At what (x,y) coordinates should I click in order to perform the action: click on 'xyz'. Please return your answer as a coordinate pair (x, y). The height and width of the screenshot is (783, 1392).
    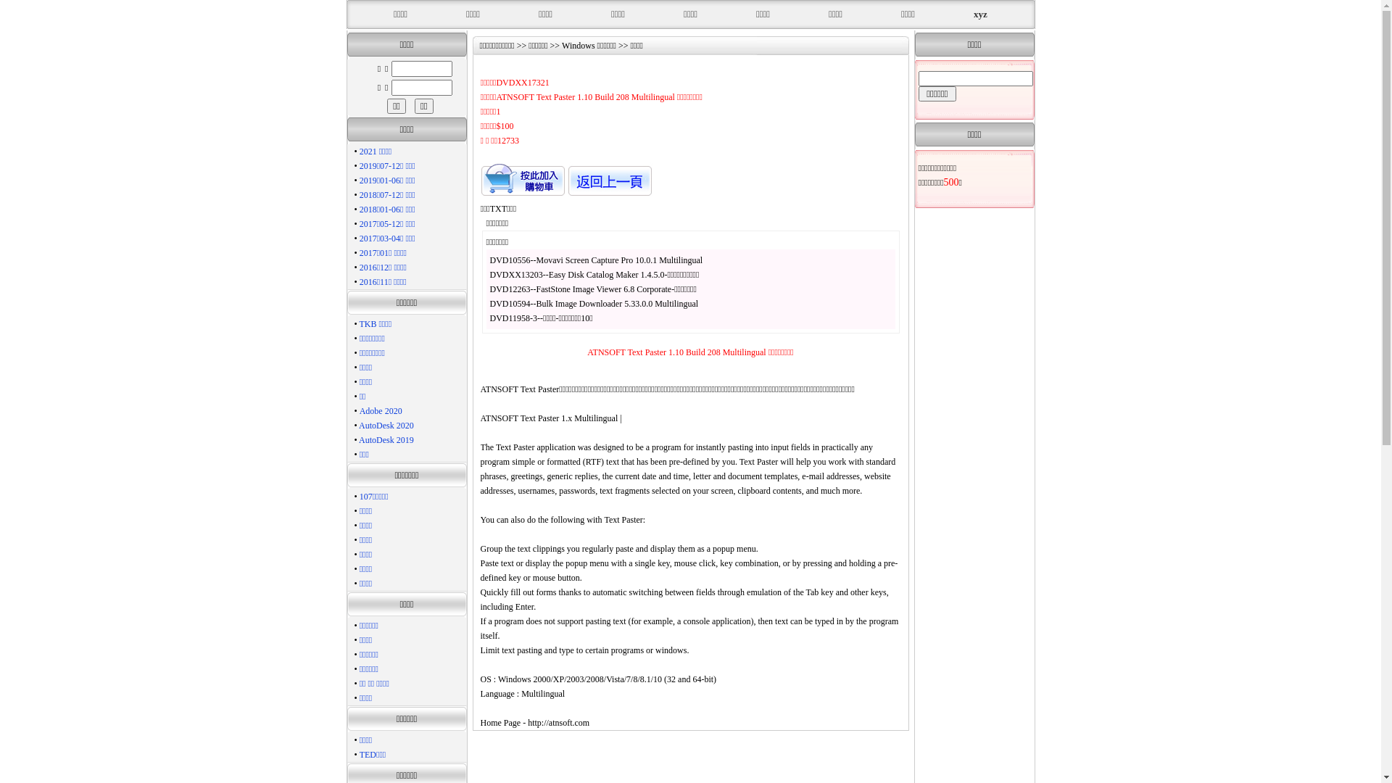
    Looking at the image, I should click on (980, 14).